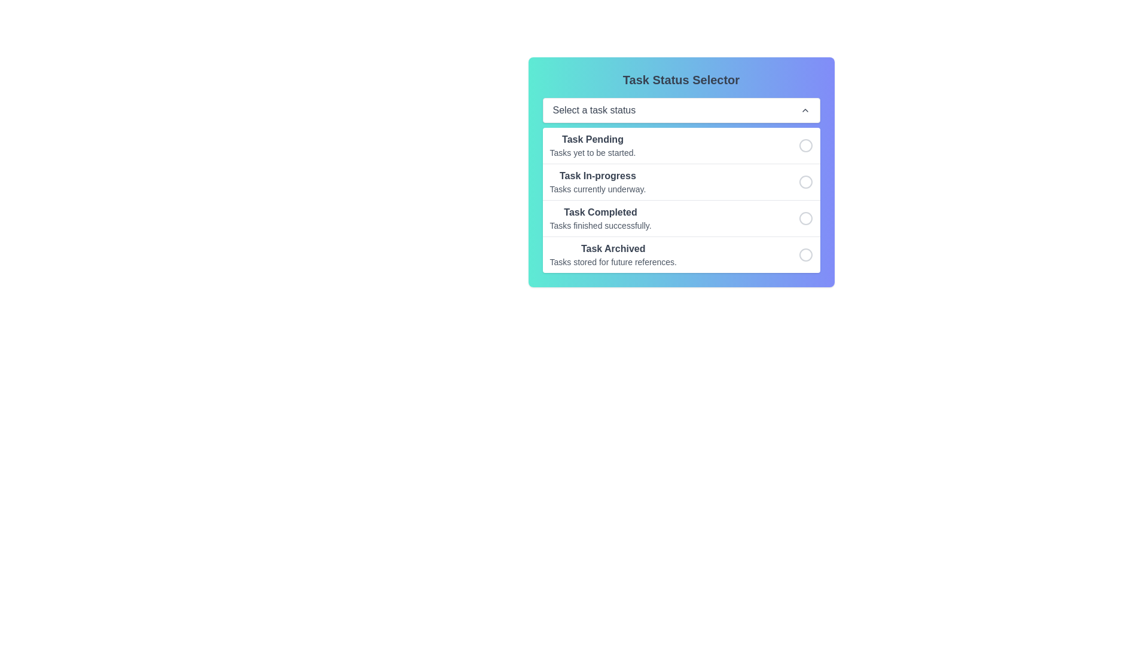 The width and height of the screenshot is (1148, 645). What do you see at coordinates (613, 262) in the screenshot?
I see `the text display that provides supplementary information for the 'Task Archived' category, located beneath the bolded heading text` at bounding box center [613, 262].